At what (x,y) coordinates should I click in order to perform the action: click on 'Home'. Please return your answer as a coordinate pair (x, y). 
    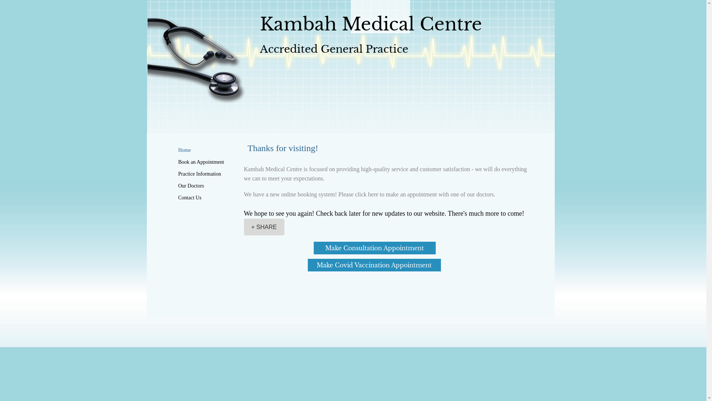
    Looking at the image, I should click on (174, 150).